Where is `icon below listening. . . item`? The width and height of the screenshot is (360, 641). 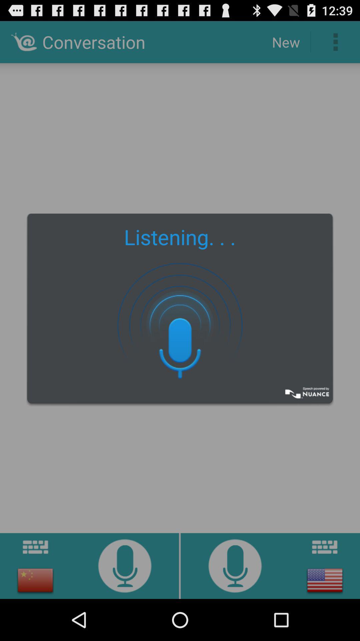
icon below listening. . . item is located at coordinates (180, 325).